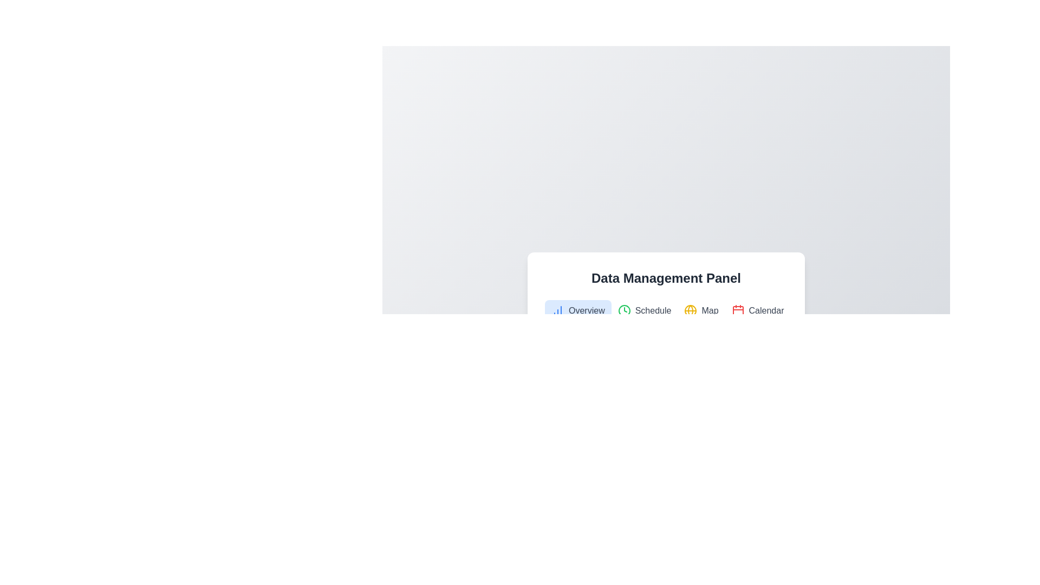 The width and height of the screenshot is (1040, 585). I want to click on the 'Overview' button, so click(577, 311).